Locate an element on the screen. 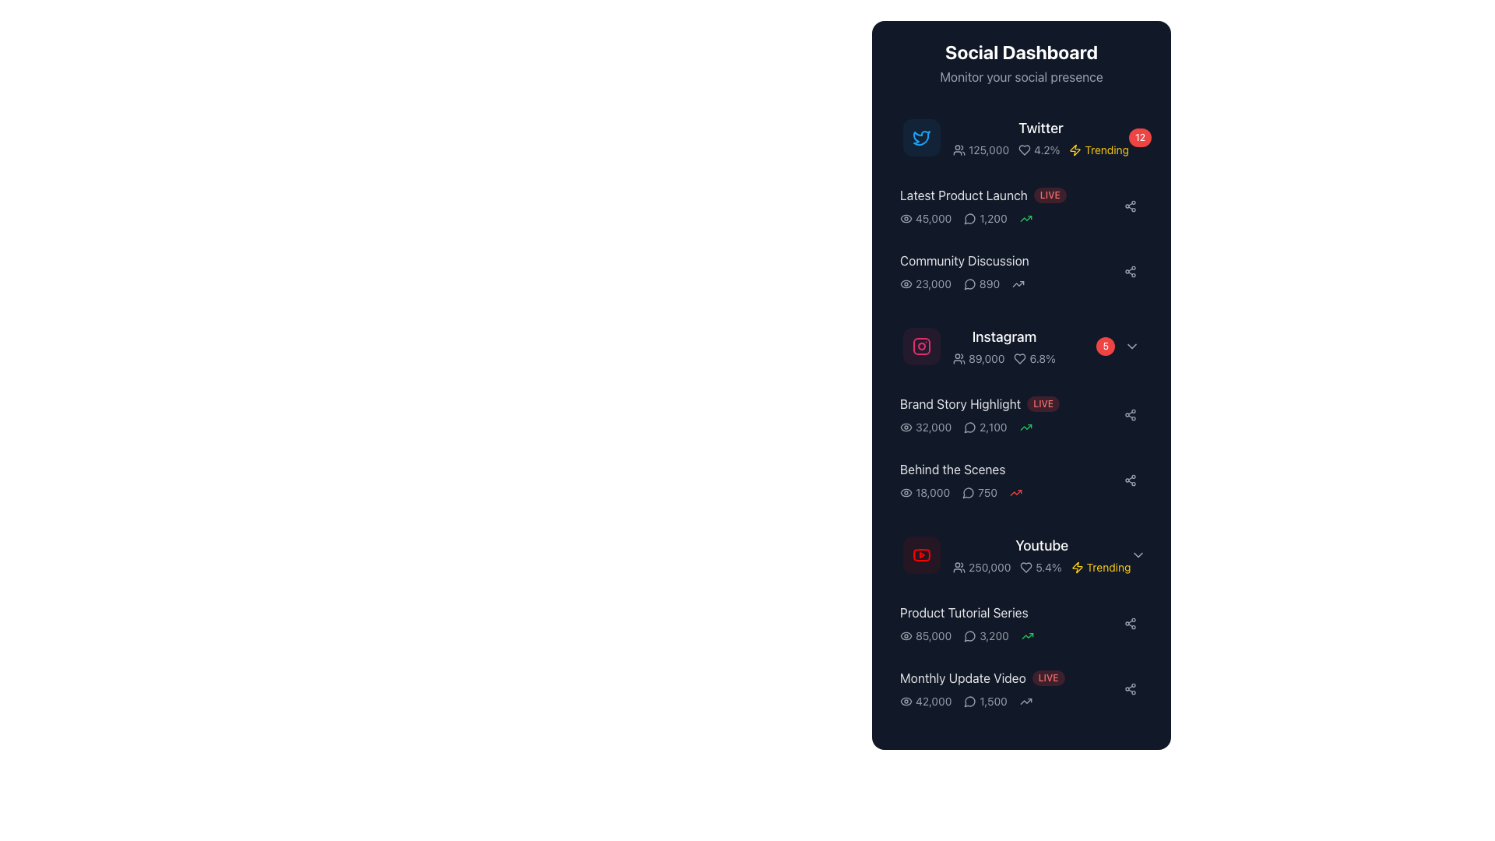  the informative text block displaying YouTube entry statistics, which includes user count, percentage value, and a 'Trending' label with styled icons is located at coordinates (1042, 568).